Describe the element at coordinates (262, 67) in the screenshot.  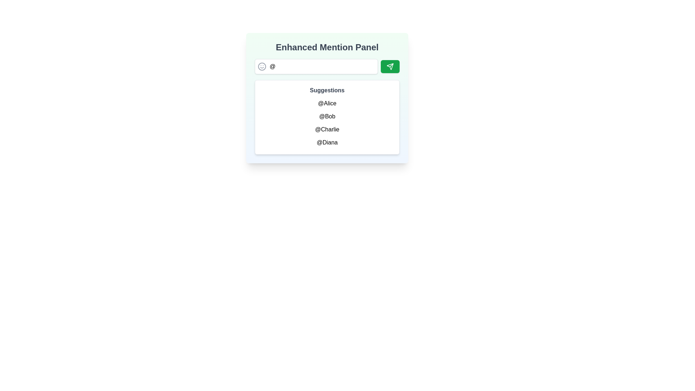
I see `the circular SVG element that is part of a smiley icon` at that location.